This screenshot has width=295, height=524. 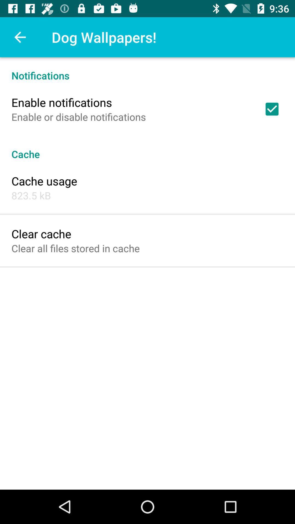 What do you see at coordinates (75, 248) in the screenshot?
I see `clear all files` at bounding box center [75, 248].